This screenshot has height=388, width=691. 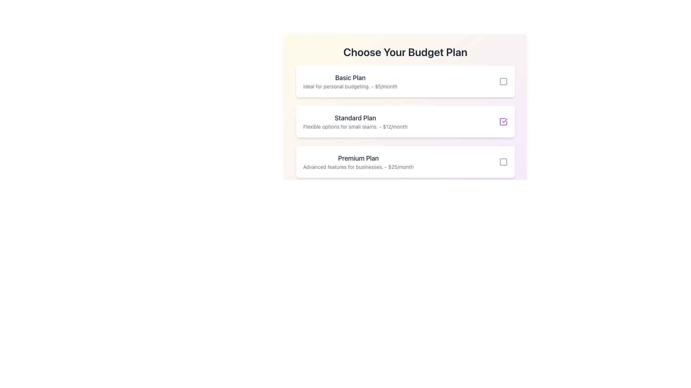 What do you see at coordinates (358, 158) in the screenshot?
I see `the 'Premium Plan' text label, which is bold, medium-sized, and dark gray, located above the descriptive text for the Advanced features and below the Standard Plan item` at bounding box center [358, 158].